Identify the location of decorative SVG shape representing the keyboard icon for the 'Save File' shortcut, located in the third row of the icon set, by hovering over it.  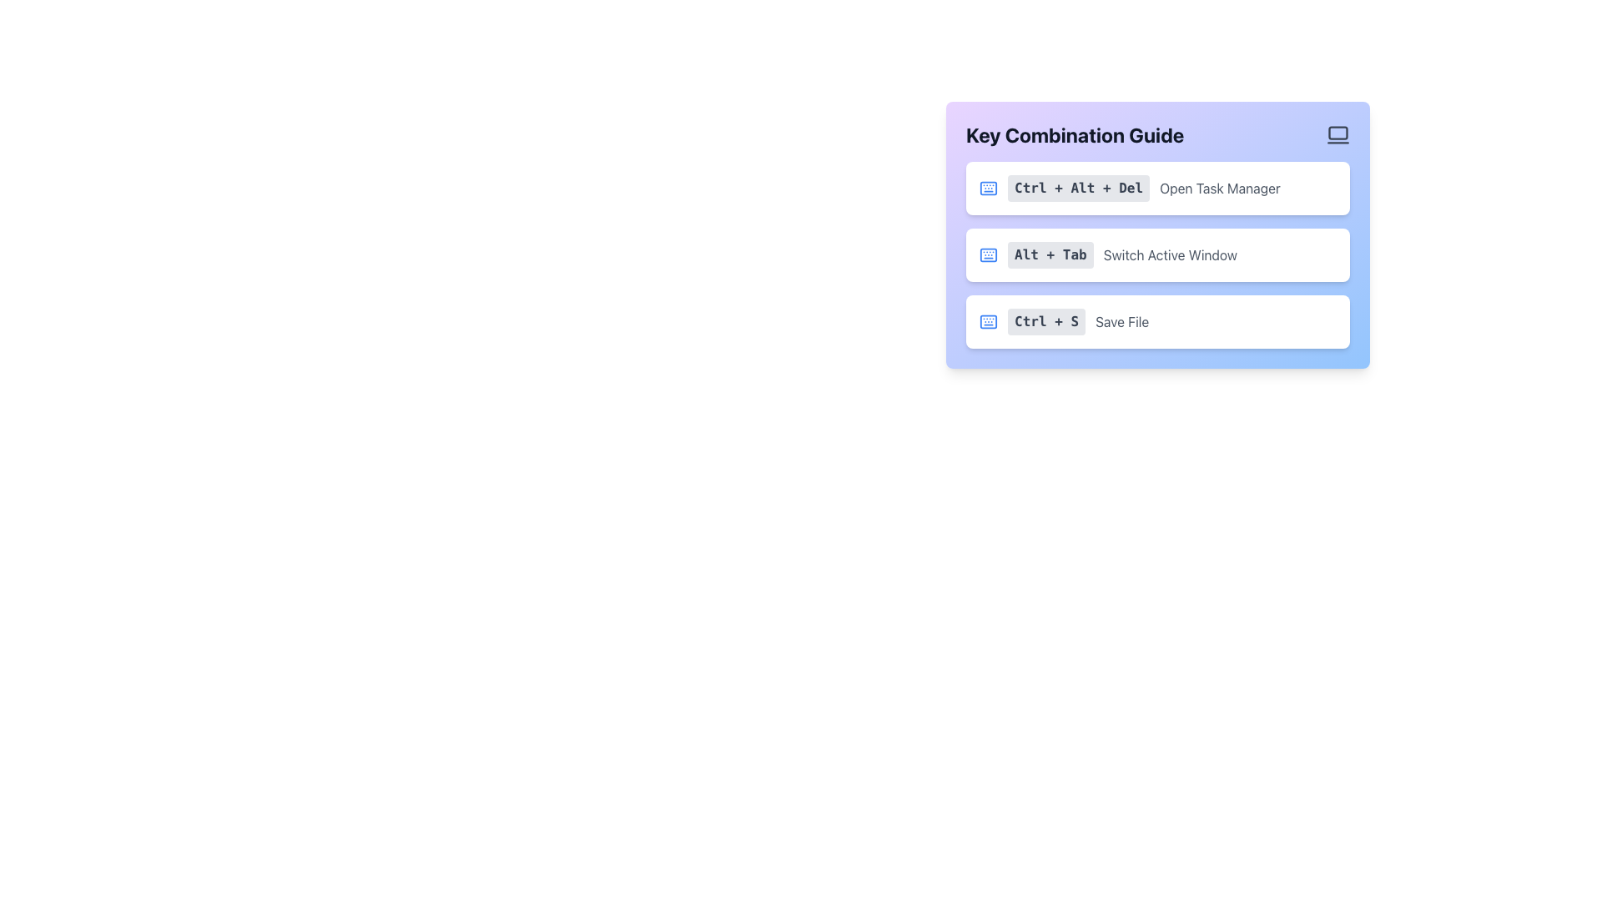
(989, 321).